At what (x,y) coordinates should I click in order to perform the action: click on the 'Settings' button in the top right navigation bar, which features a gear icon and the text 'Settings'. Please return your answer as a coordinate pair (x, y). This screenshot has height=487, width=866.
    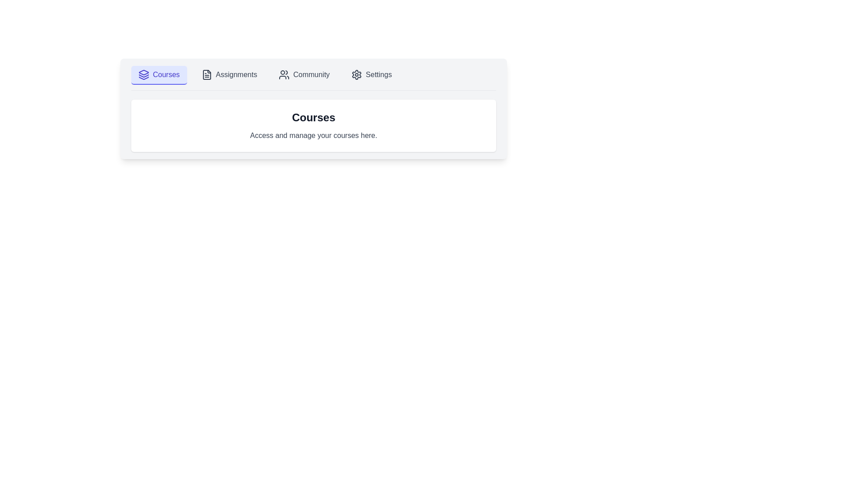
    Looking at the image, I should click on (372, 74).